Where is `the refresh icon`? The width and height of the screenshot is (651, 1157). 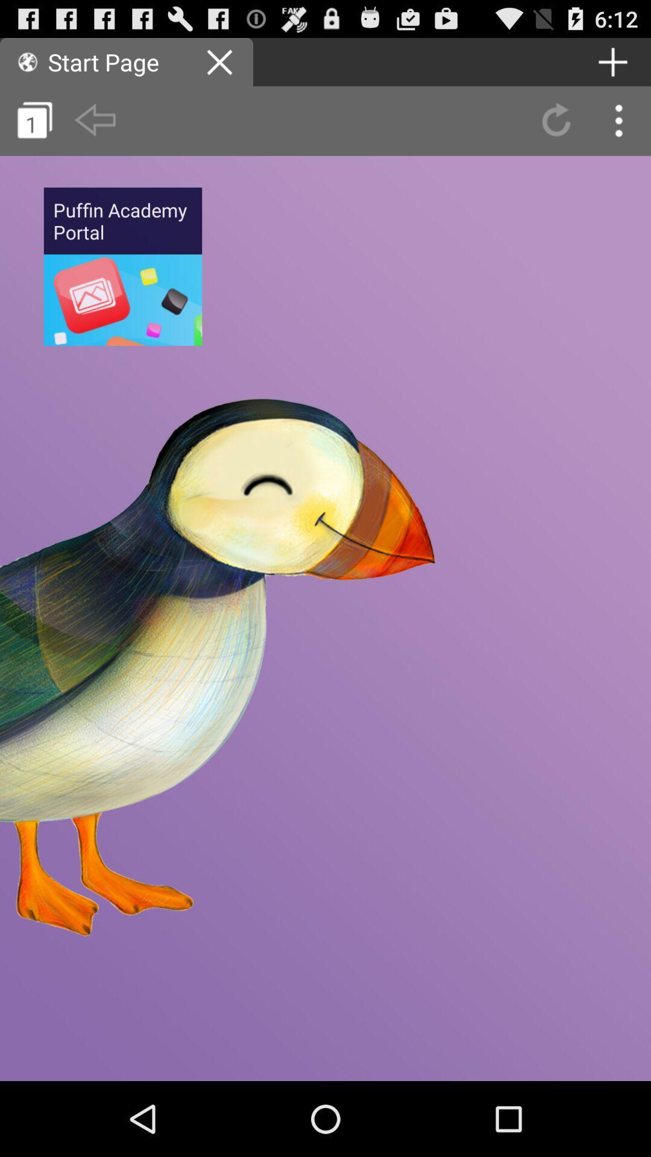
the refresh icon is located at coordinates (556, 130).